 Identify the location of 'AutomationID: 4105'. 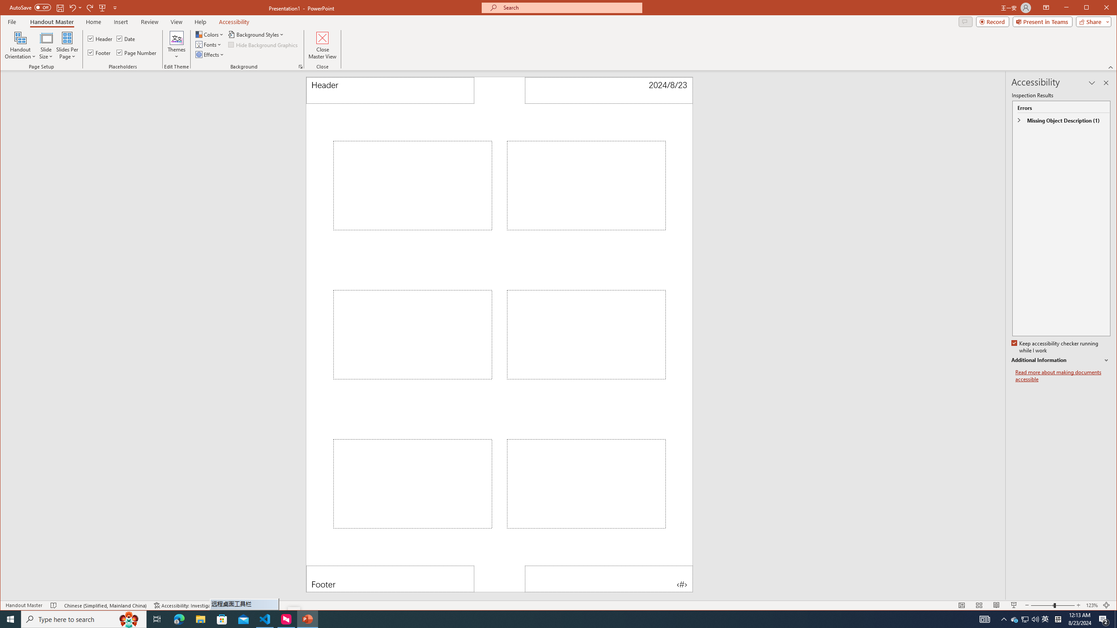
(984, 618).